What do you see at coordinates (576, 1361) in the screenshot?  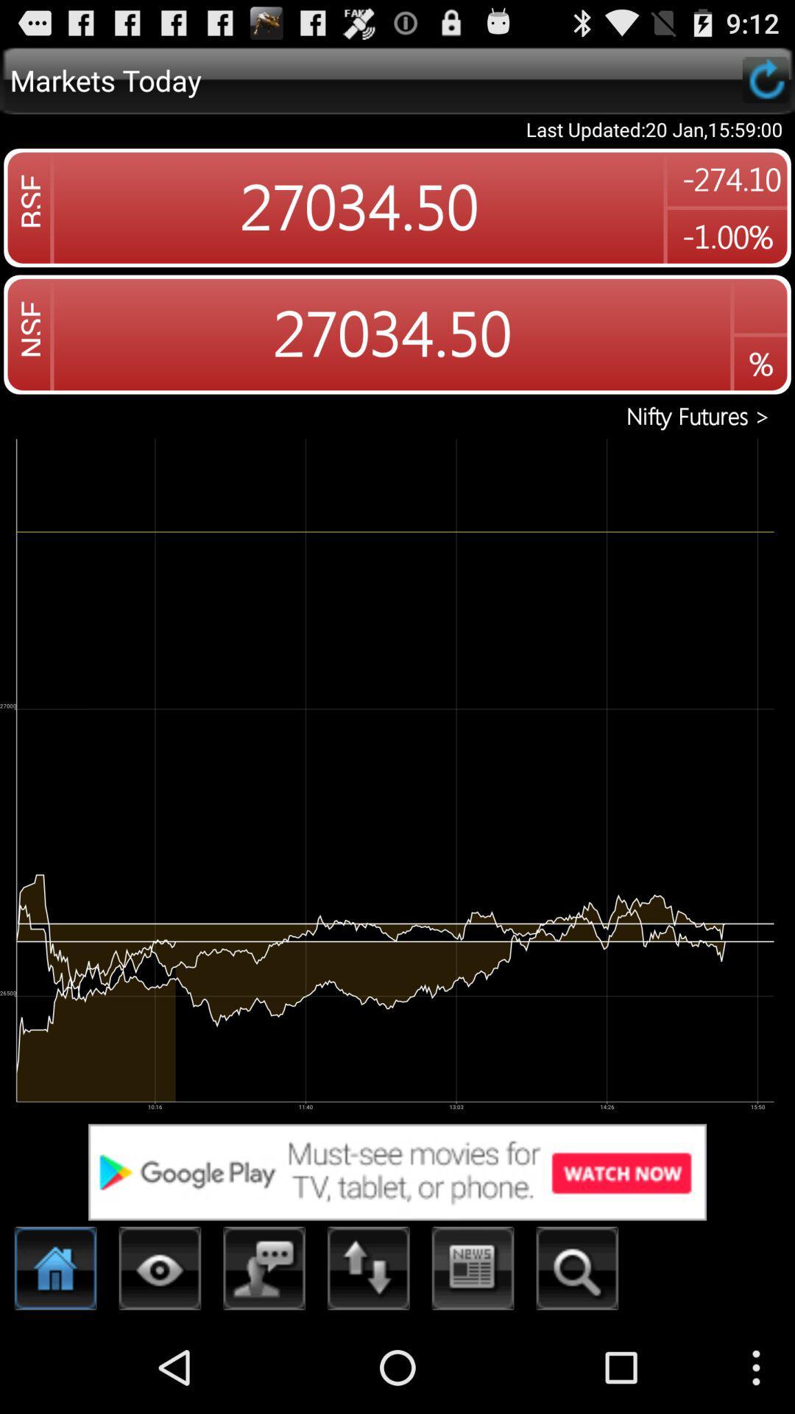 I see `the search icon` at bounding box center [576, 1361].